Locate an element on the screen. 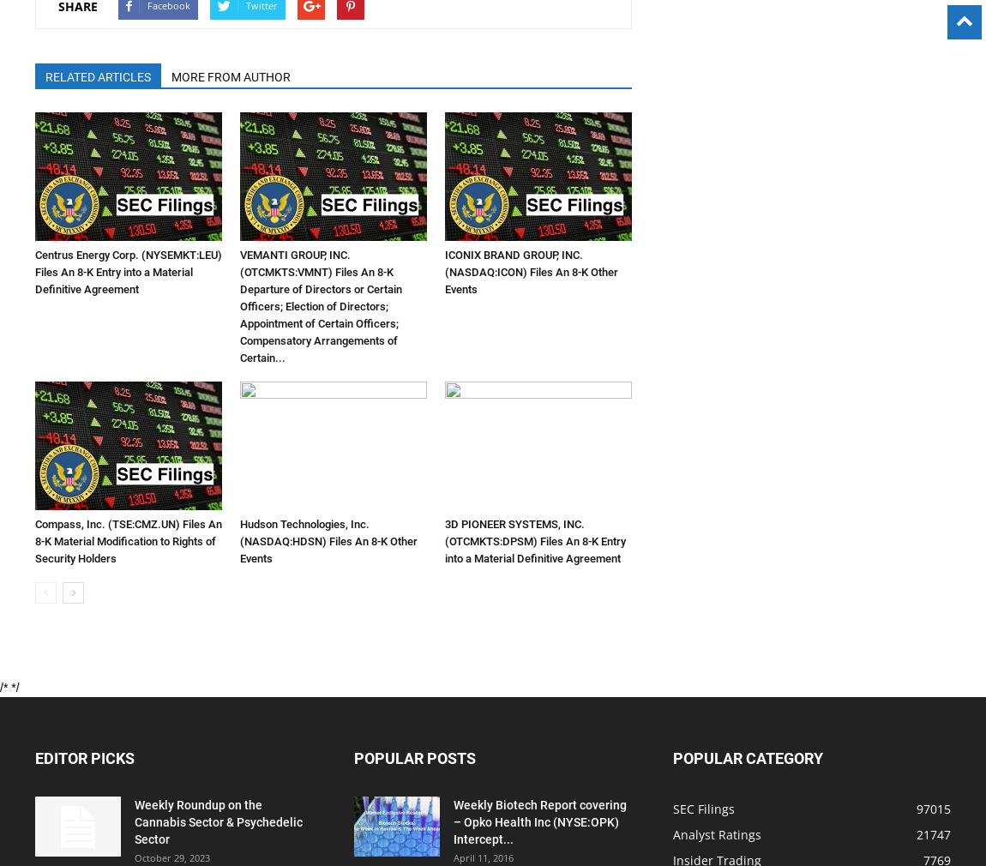 The height and width of the screenshot is (866, 986). '3D PIONEER SYSTEMS, INC. (OTCMKTS:DPSM) Files An 8-K Entry into a Material Definitive Agreement' is located at coordinates (534, 540).